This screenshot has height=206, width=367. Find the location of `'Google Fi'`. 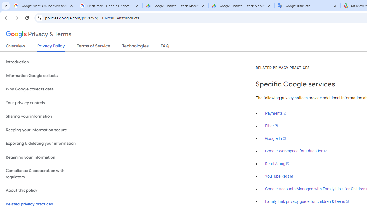

'Google Fi' is located at coordinates (275, 138).